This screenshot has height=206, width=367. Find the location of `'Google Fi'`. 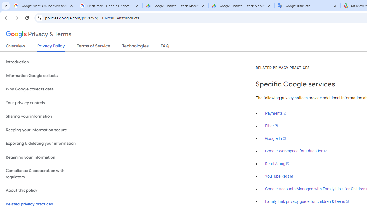

'Google Fi' is located at coordinates (275, 138).